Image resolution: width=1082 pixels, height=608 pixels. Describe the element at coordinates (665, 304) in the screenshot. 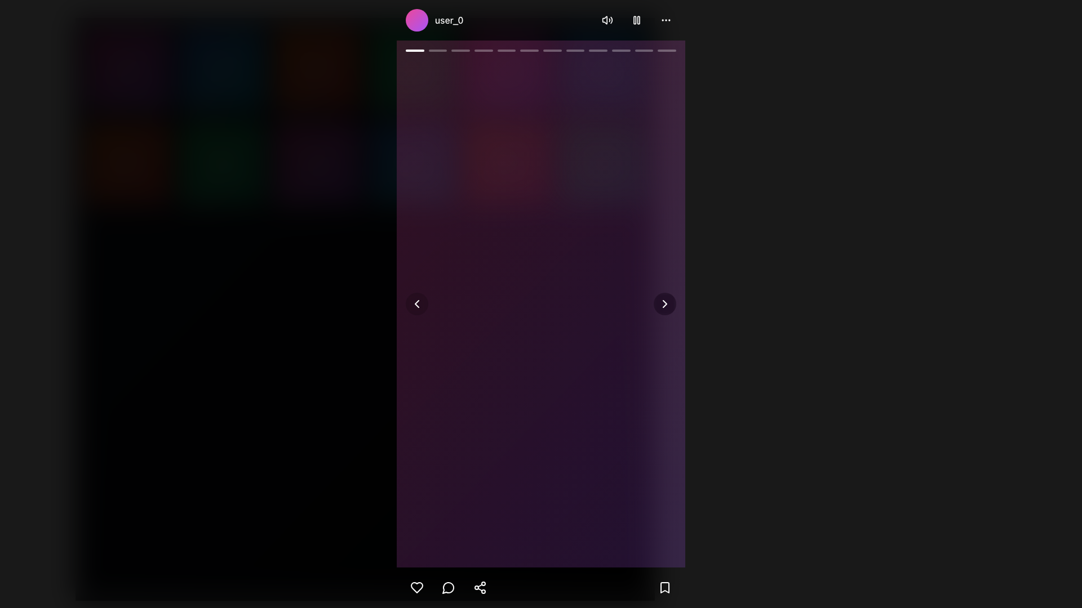

I see `the right-pointing chevron icon, which is styled with a black outline on a transparent background` at that location.